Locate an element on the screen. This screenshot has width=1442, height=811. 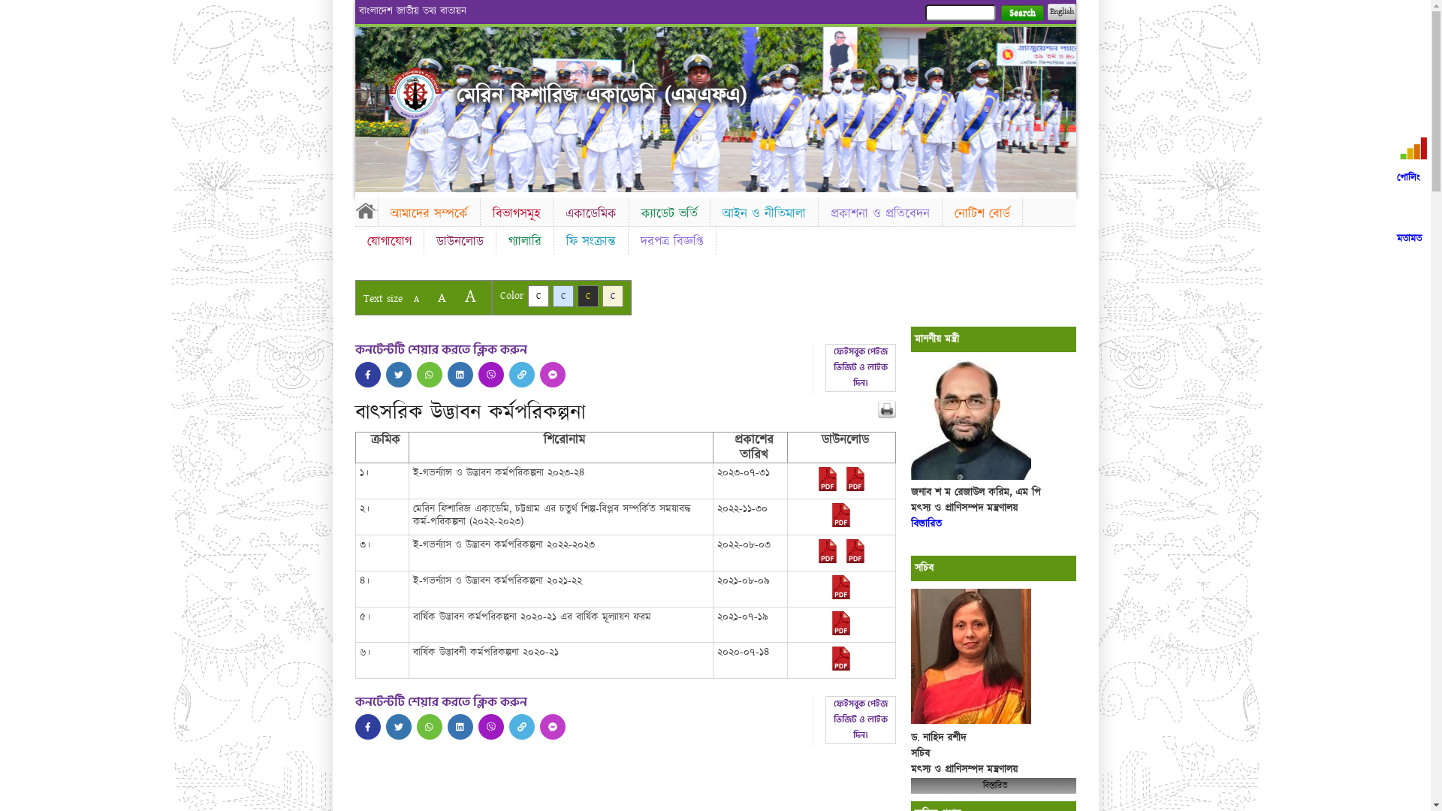
'Search' is located at coordinates (1000, 13).